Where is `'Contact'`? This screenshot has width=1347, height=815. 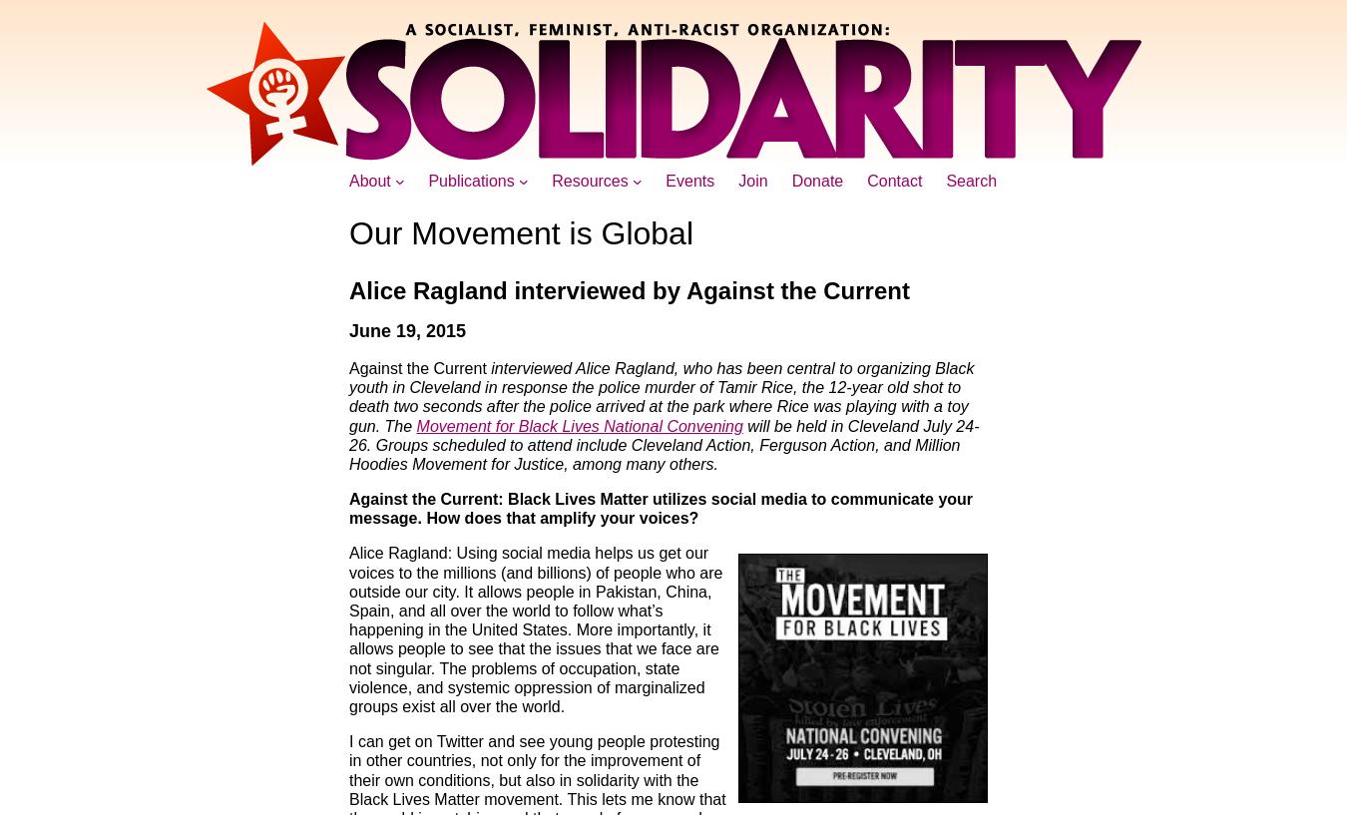 'Contact' is located at coordinates (894, 180).